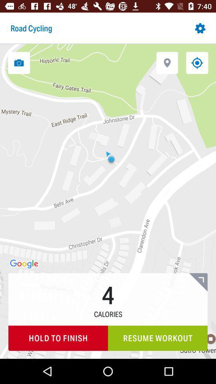 This screenshot has height=384, width=216. I want to click on item to the left of the resume workout icon, so click(58, 338).